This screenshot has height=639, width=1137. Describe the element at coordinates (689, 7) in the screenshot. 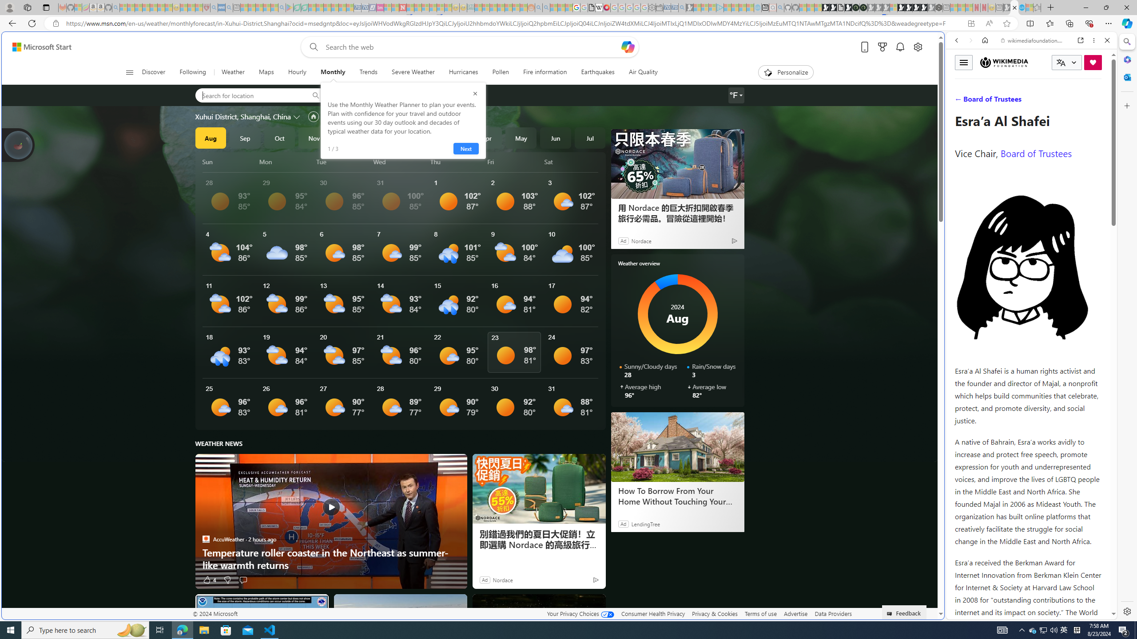

I see `'Microsoft Start Gaming - Sleeping'` at that location.